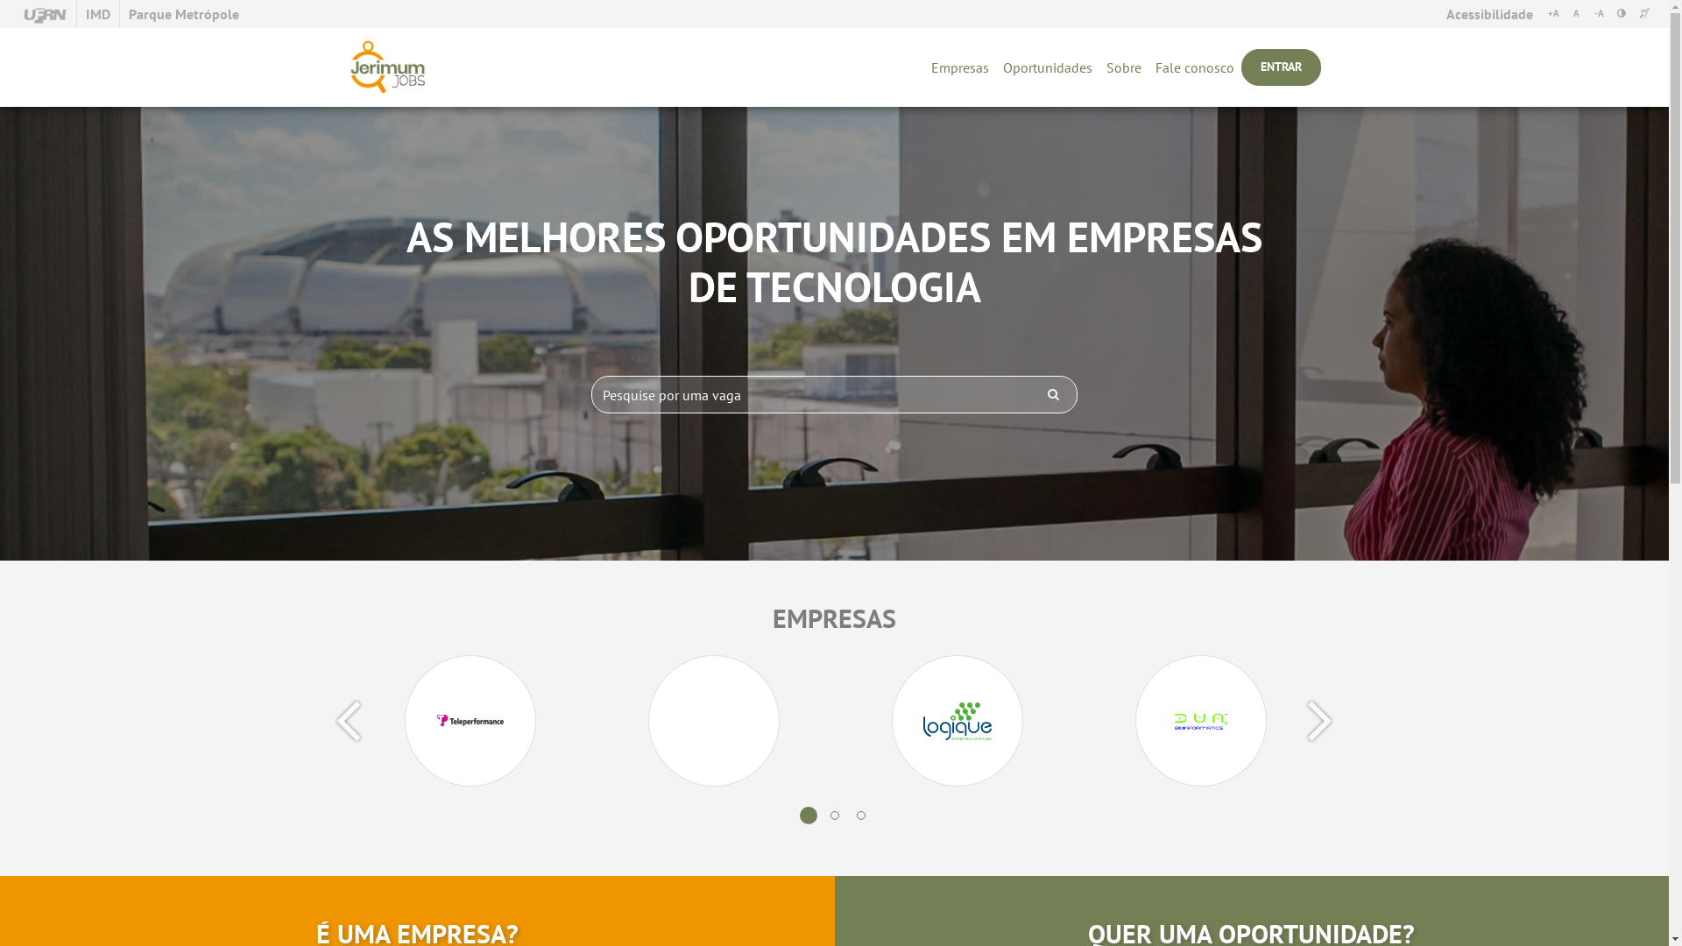 Image resolution: width=1682 pixels, height=946 pixels. What do you see at coordinates (958, 67) in the screenshot?
I see `'Empresas'` at bounding box center [958, 67].